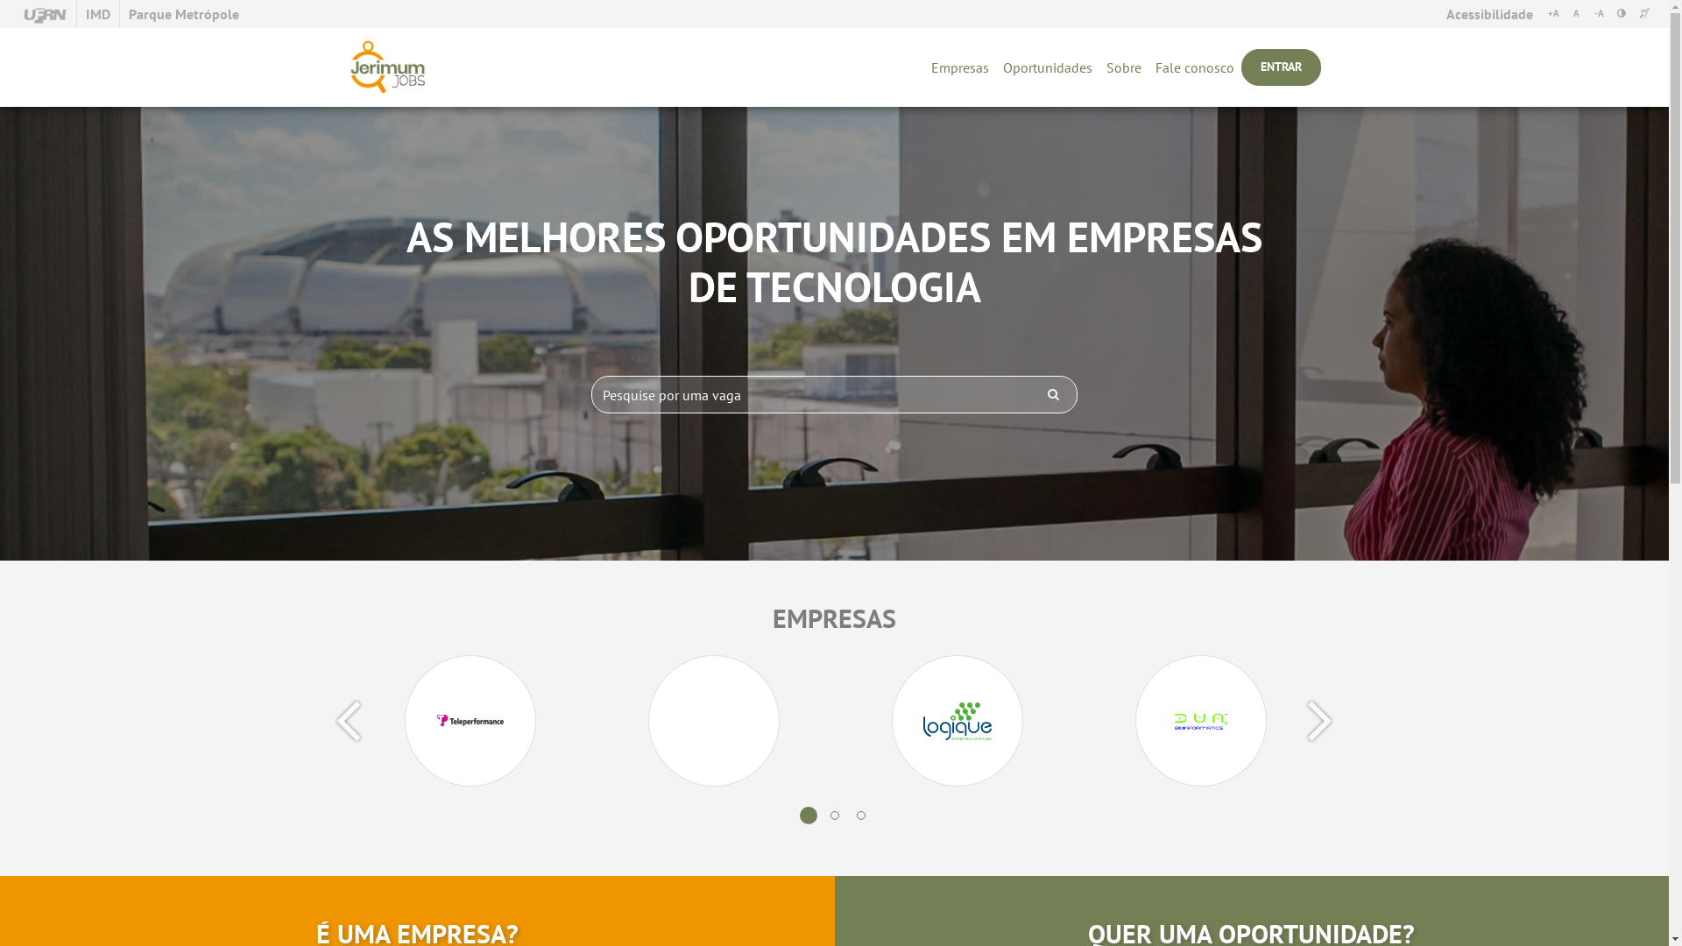 Image resolution: width=1682 pixels, height=946 pixels. What do you see at coordinates (958, 67) in the screenshot?
I see `'Empresas'` at bounding box center [958, 67].